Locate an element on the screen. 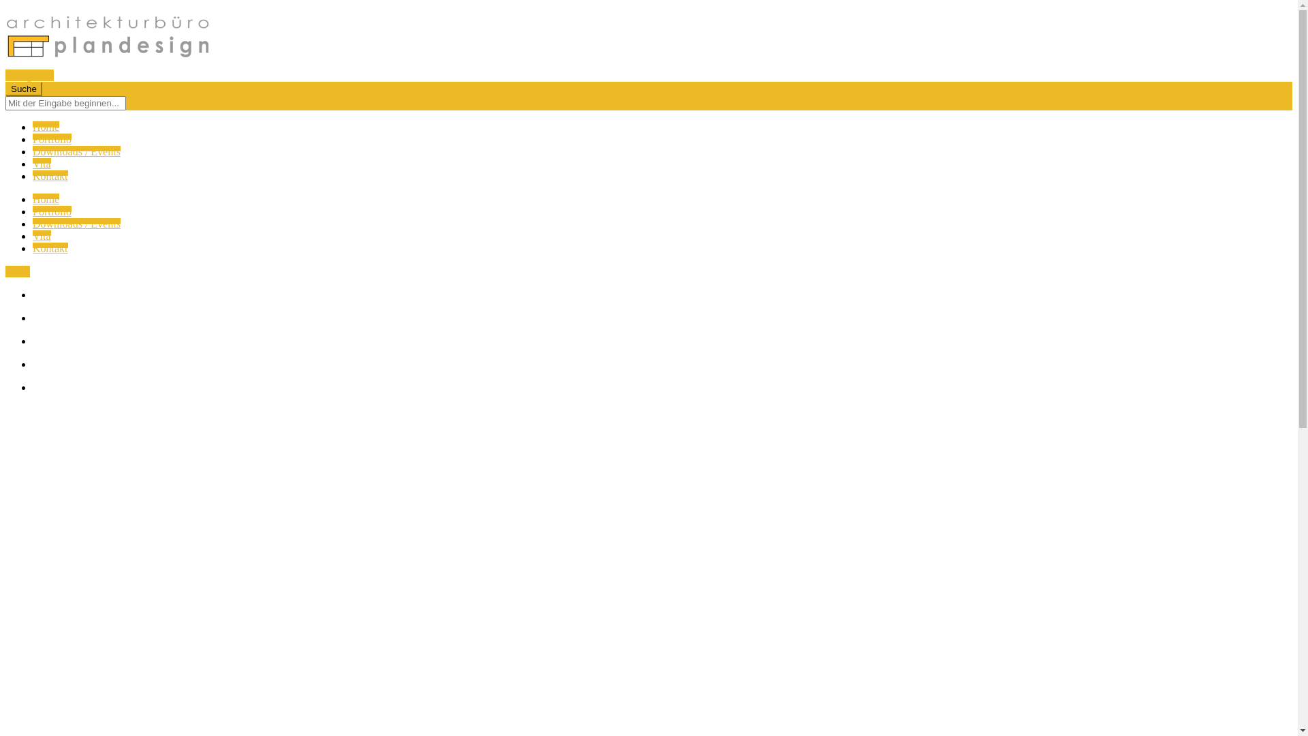 This screenshot has width=1308, height=736. 'Vita' is located at coordinates (42, 163).